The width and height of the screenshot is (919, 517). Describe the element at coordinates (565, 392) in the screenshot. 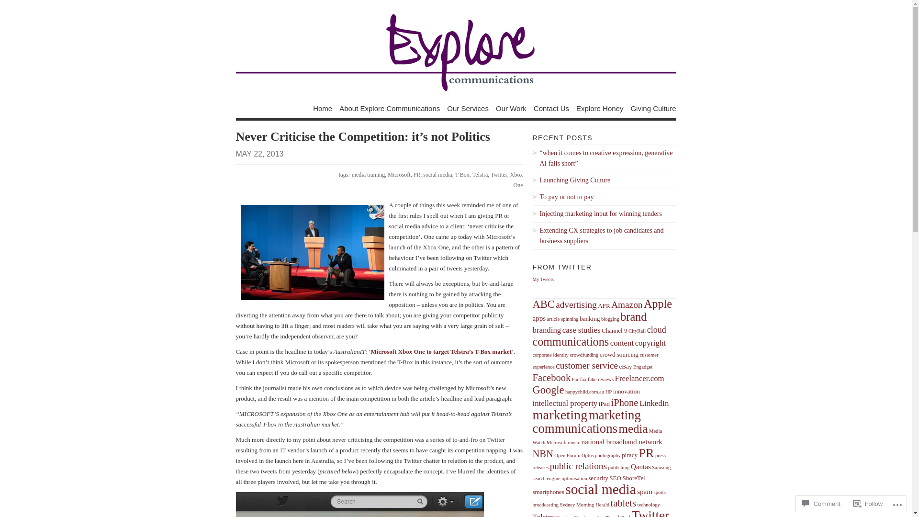

I see `'happychild.com.au'` at that location.